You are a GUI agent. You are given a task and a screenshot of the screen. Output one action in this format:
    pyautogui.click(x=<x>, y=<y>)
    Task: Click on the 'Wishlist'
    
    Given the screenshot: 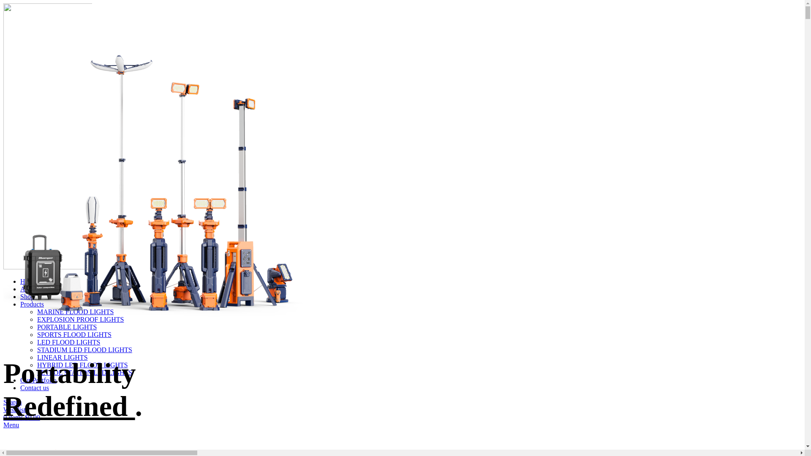 What is the action you would take?
    pyautogui.click(x=14, y=409)
    